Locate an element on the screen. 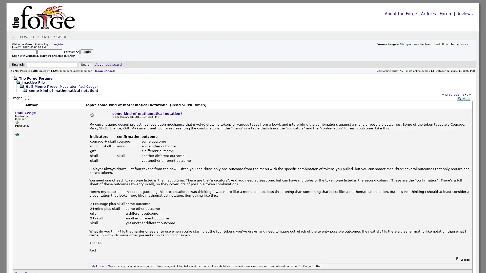  Search is located at coordinates (86, 64).